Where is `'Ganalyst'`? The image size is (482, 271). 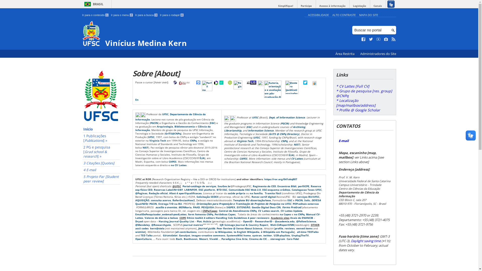
'Ganalyst' is located at coordinates (184, 235).